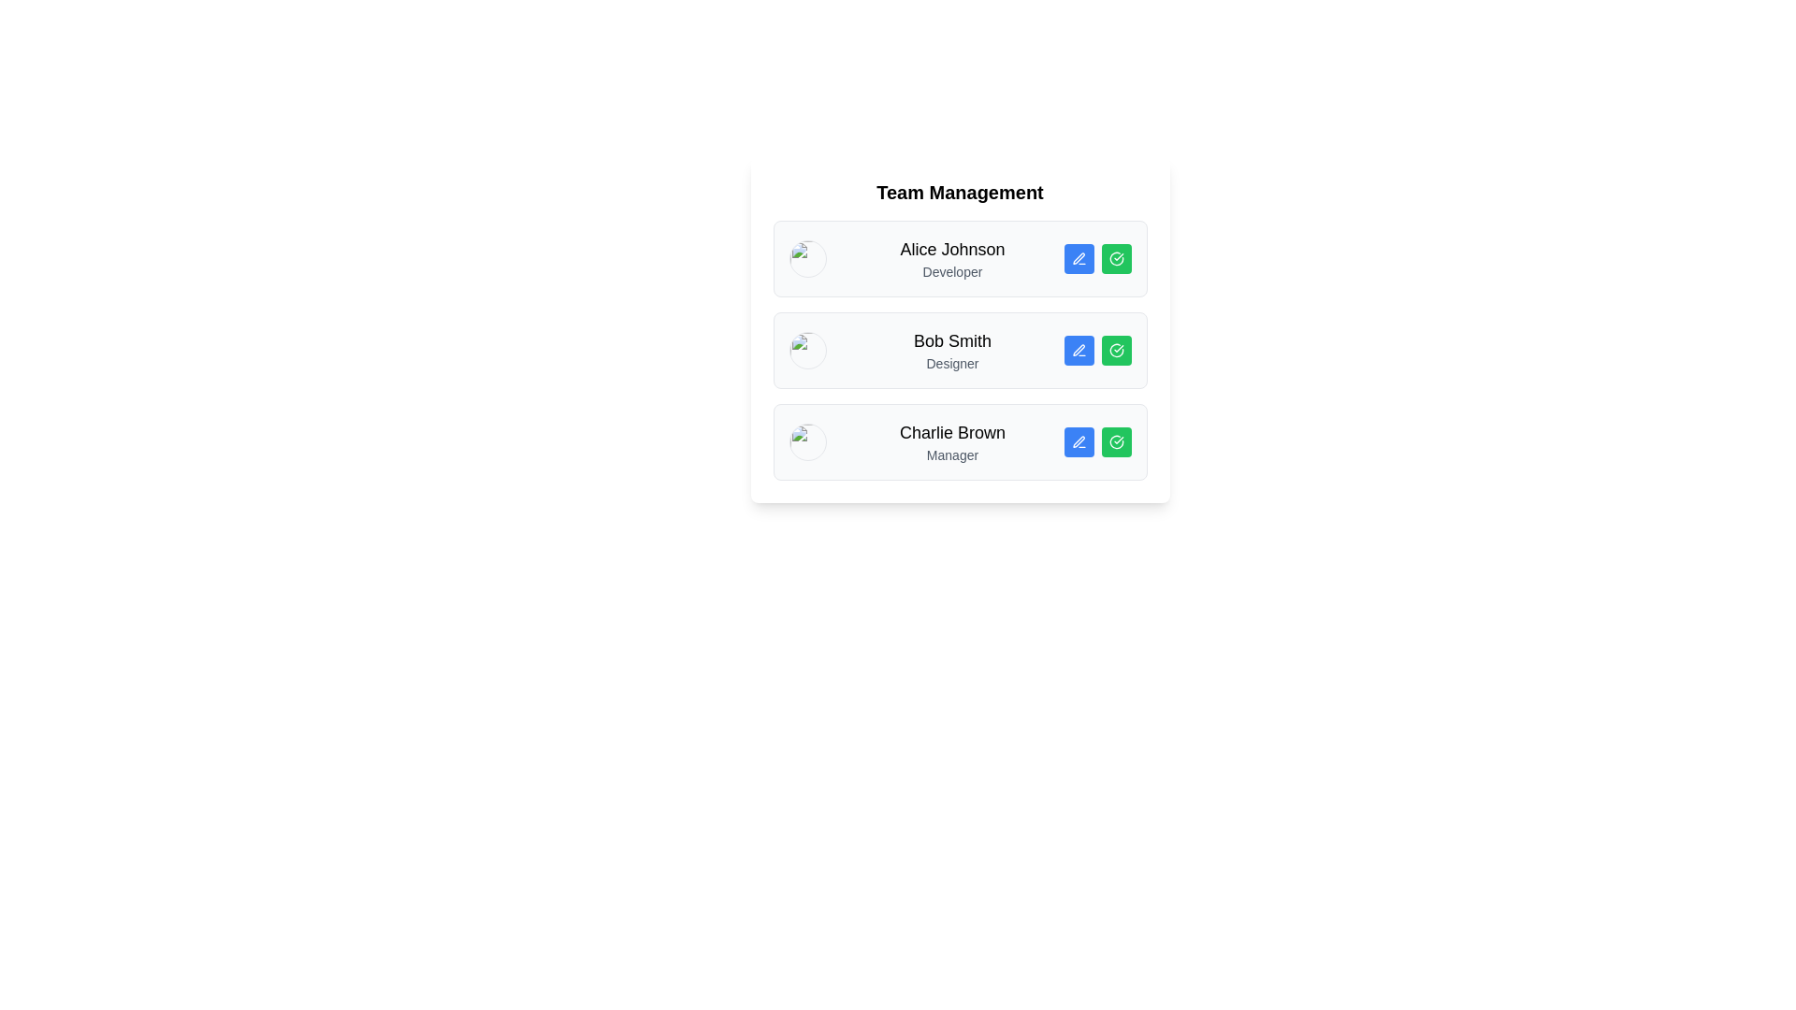  I want to click on the leftmost icon button in the cluster to the right of 'Bob Smith' in the second row of the list, so click(1079, 350).